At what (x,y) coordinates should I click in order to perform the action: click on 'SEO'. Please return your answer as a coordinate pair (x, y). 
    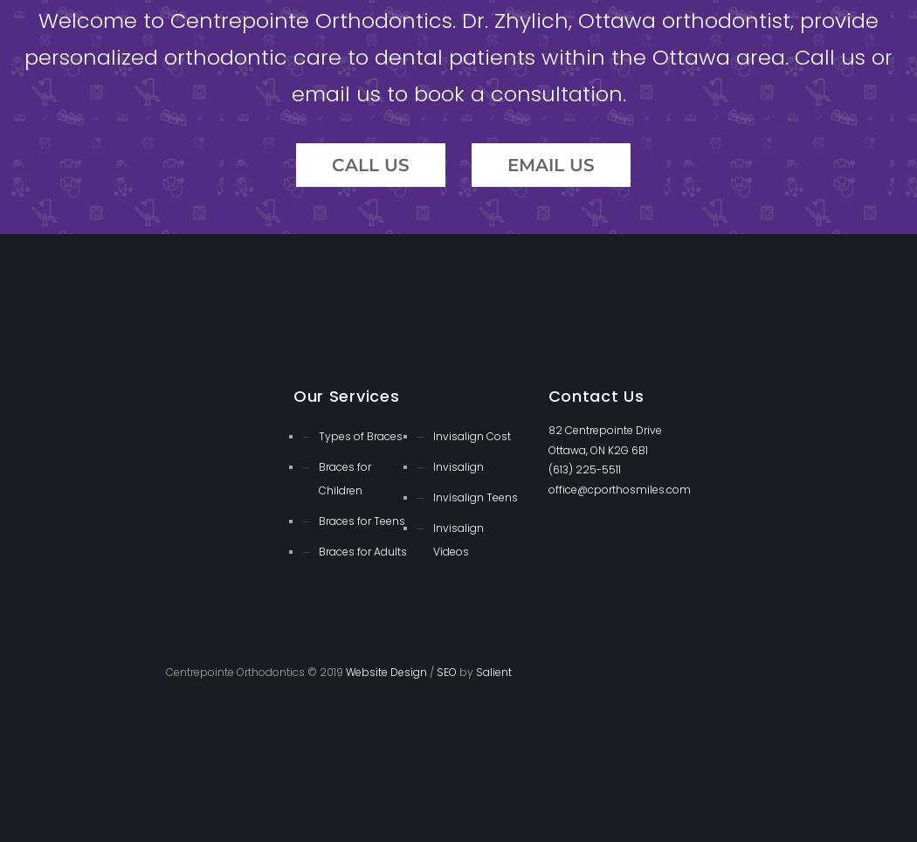
    Looking at the image, I should click on (445, 671).